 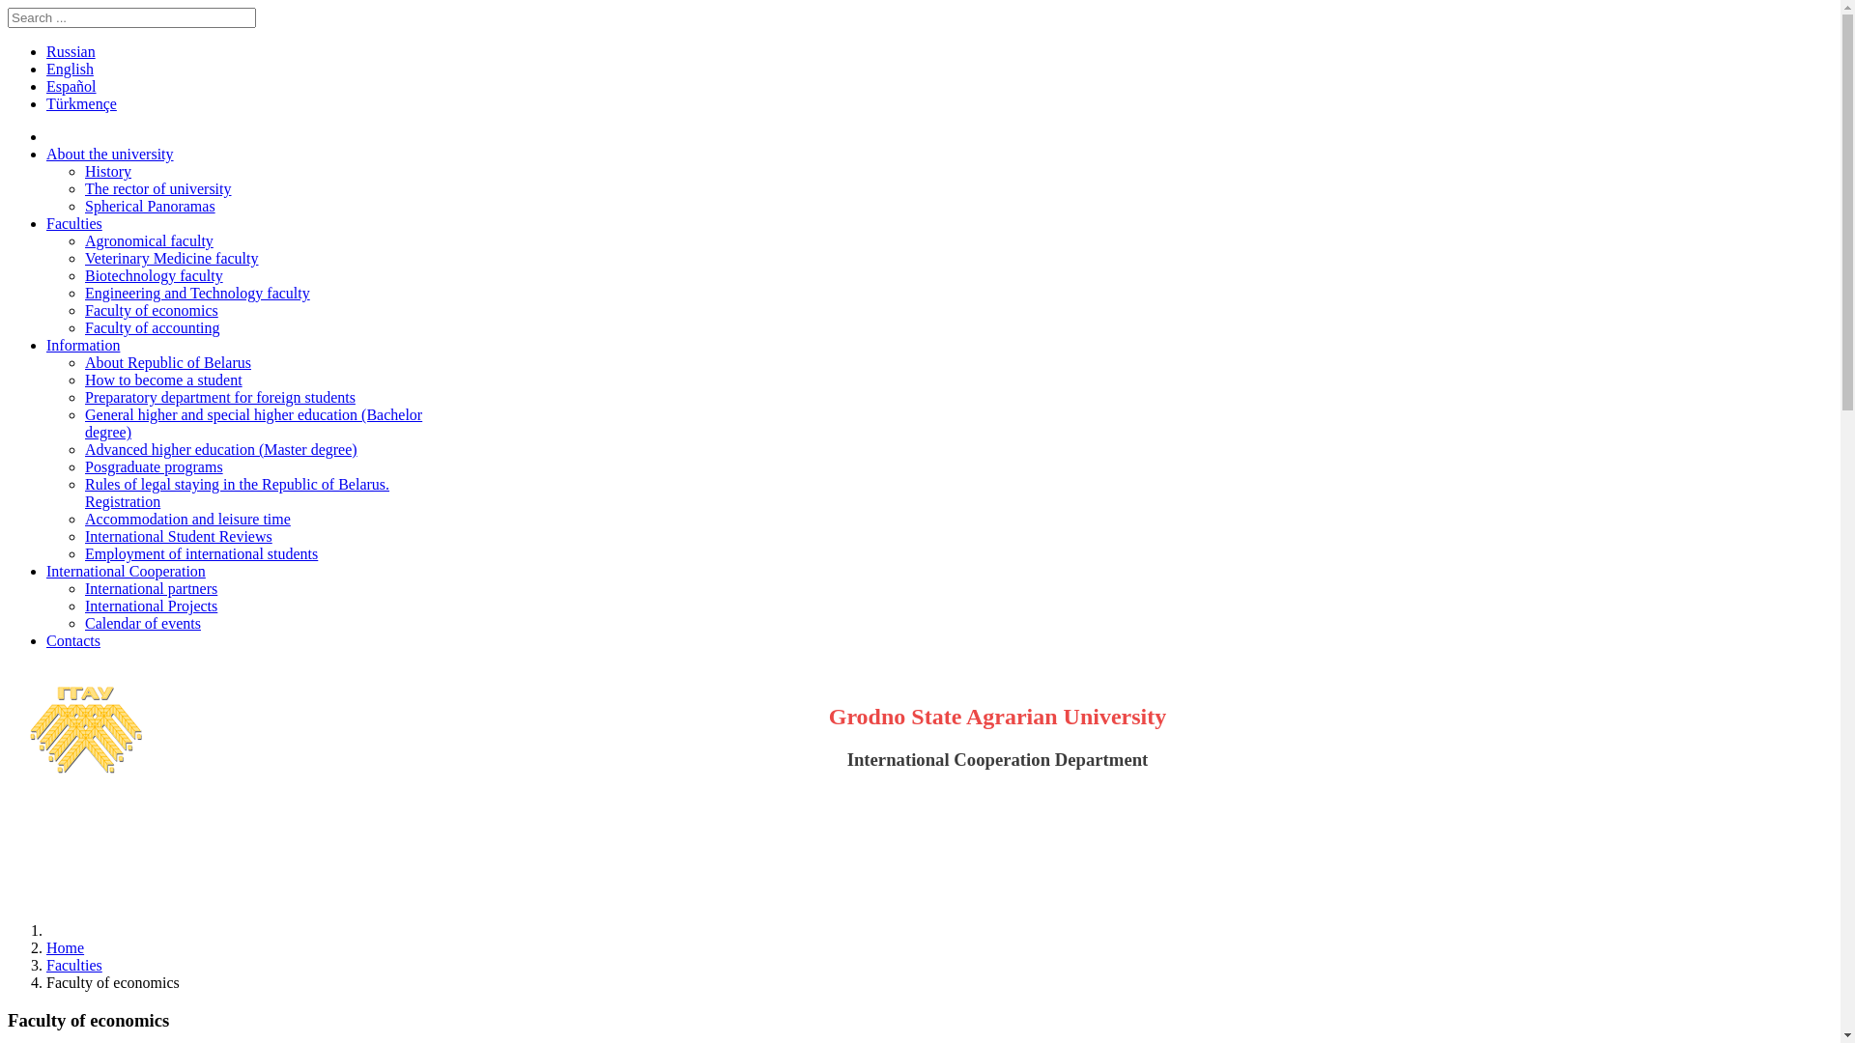 What do you see at coordinates (201, 553) in the screenshot?
I see `'Employment of international students'` at bounding box center [201, 553].